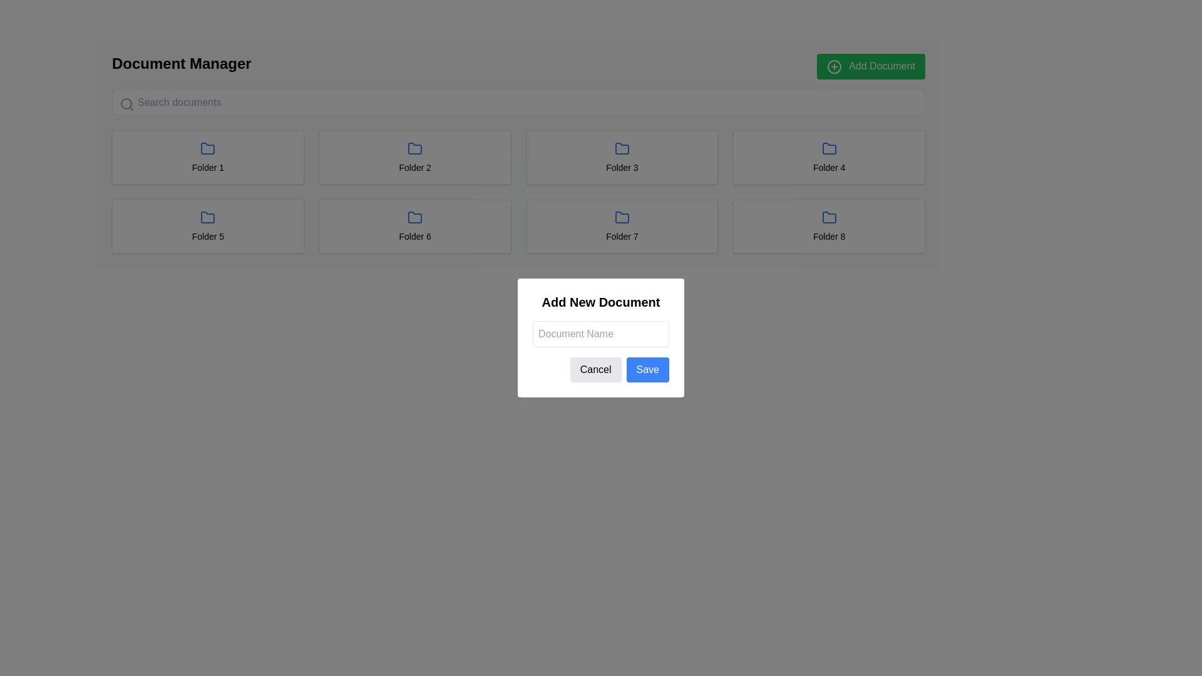  What do you see at coordinates (601, 333) in the screenshot?
I see `the text input field for new document entry in the 'Add New Document' modal` at bounding box center [601, 333].